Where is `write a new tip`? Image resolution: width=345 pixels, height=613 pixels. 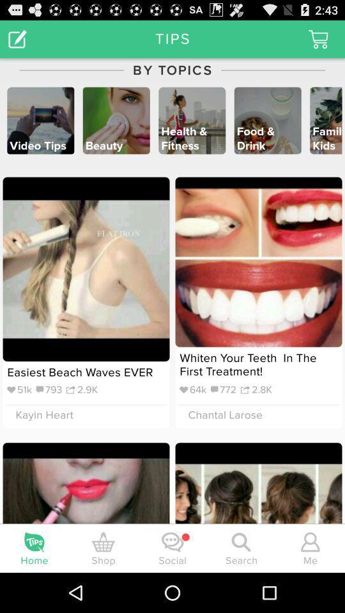
write a new tip is located at coordinates (17, 38).